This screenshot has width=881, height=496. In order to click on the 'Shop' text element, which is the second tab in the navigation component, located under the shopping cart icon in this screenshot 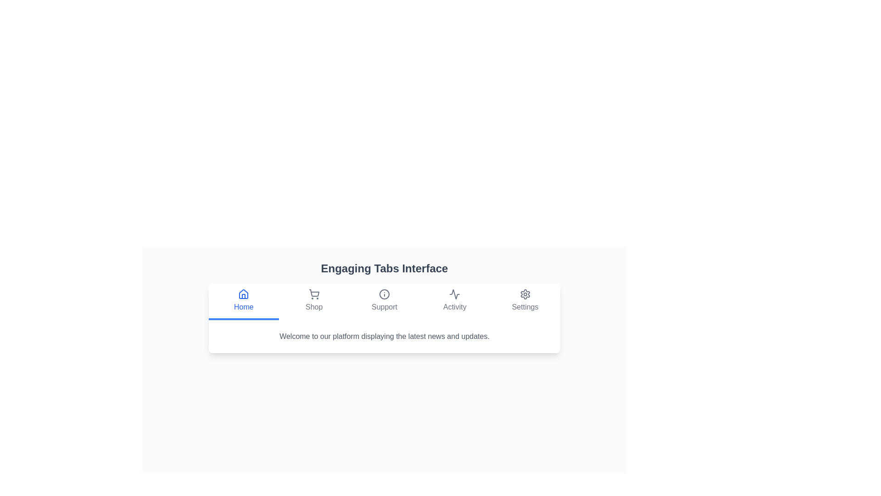, I will do `click(314, 307)`.